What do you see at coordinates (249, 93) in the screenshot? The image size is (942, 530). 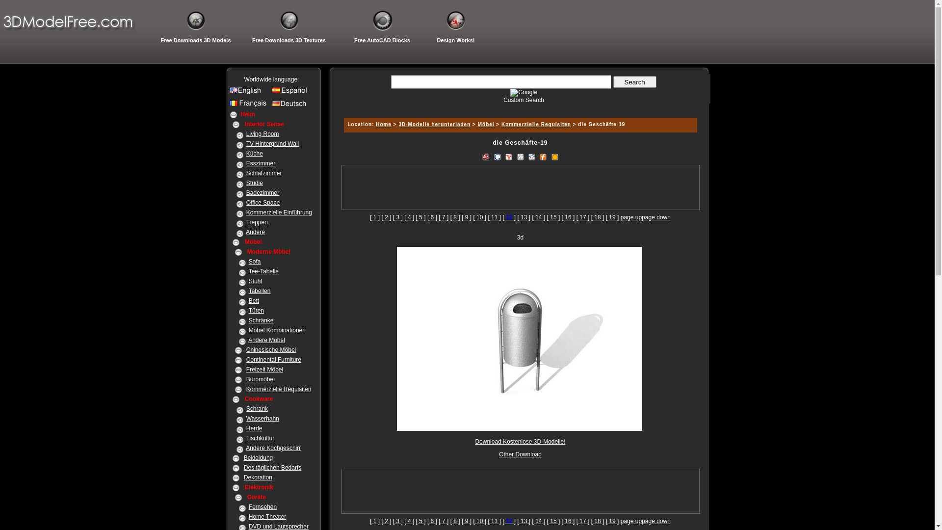 I see `'English site'` at bounding box center [249, 93].